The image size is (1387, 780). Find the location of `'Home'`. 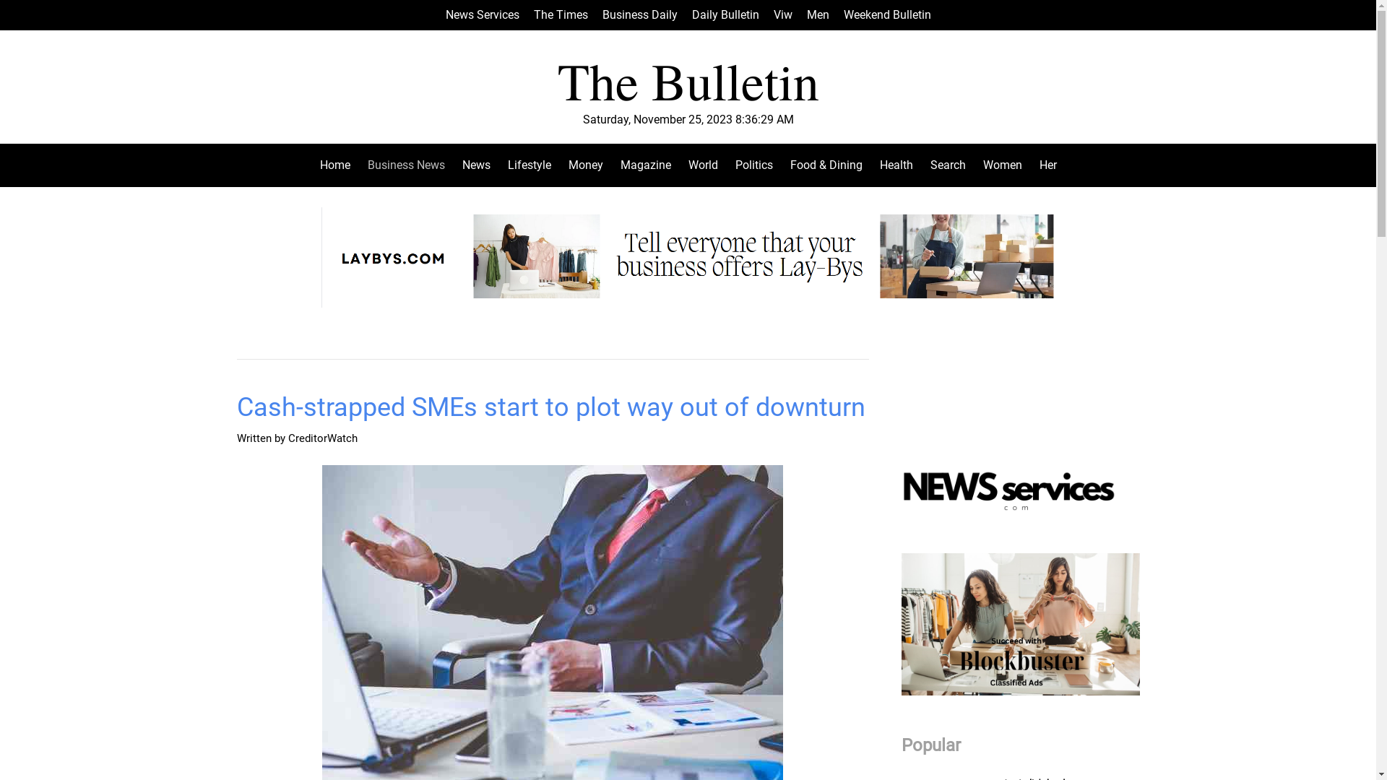

'Home' is located at coordinates (338, 164).